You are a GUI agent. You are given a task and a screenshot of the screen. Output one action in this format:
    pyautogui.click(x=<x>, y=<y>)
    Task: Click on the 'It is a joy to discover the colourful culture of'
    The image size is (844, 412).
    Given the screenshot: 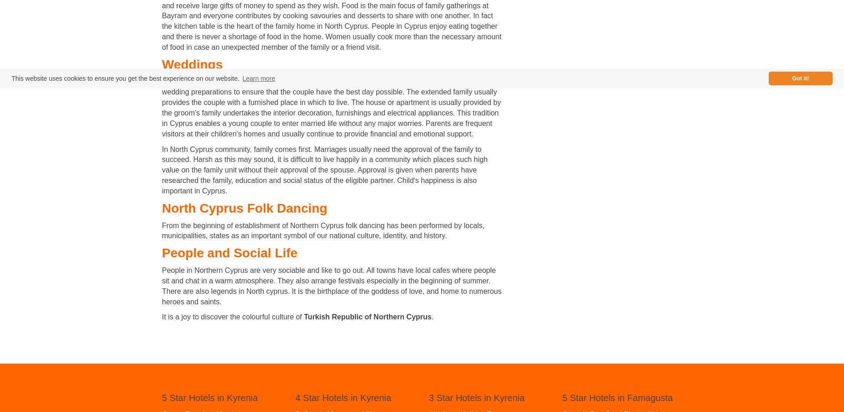 What is the action you would take?
    pyautogui.click(x=233, y=316)
    